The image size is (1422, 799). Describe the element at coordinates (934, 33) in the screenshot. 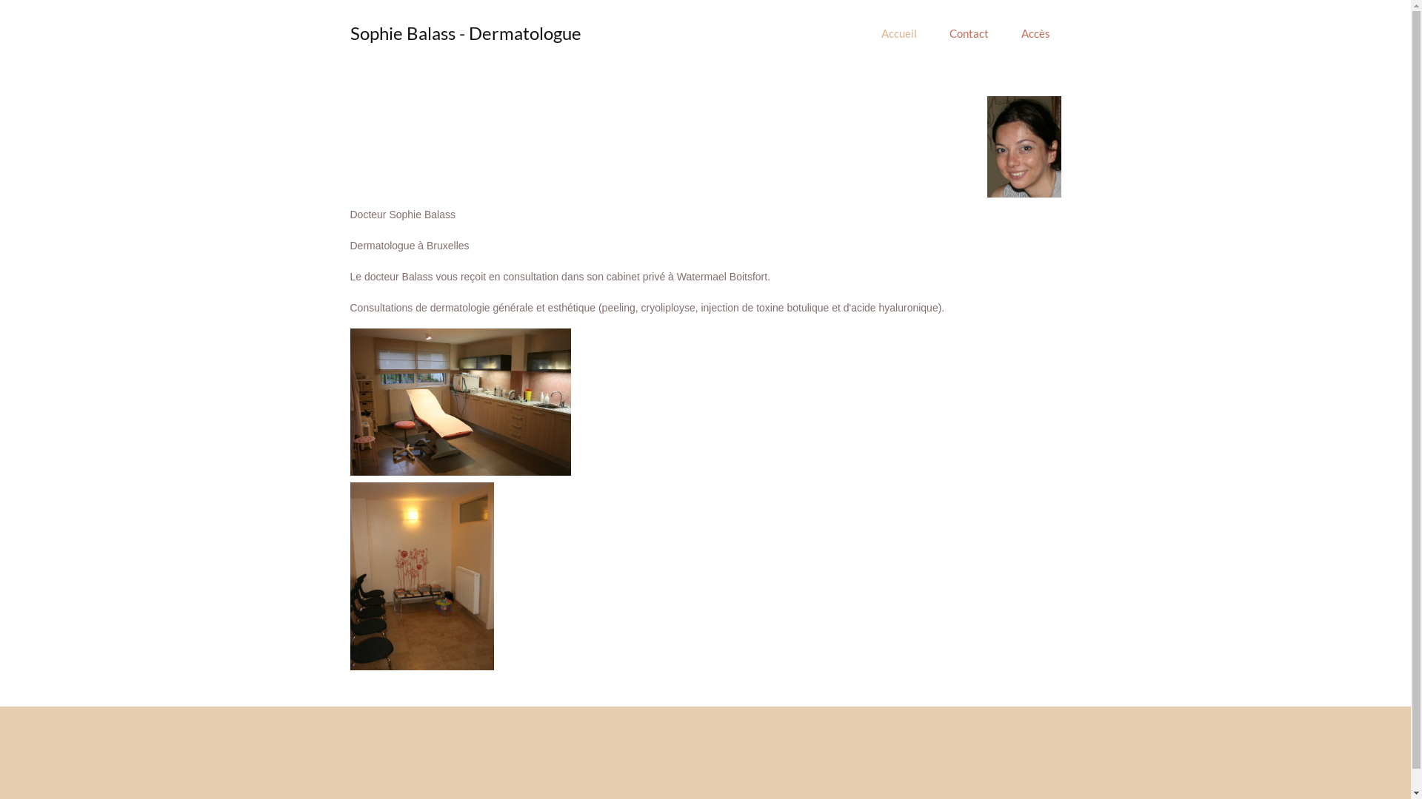

I see `'Contact'` at that location.